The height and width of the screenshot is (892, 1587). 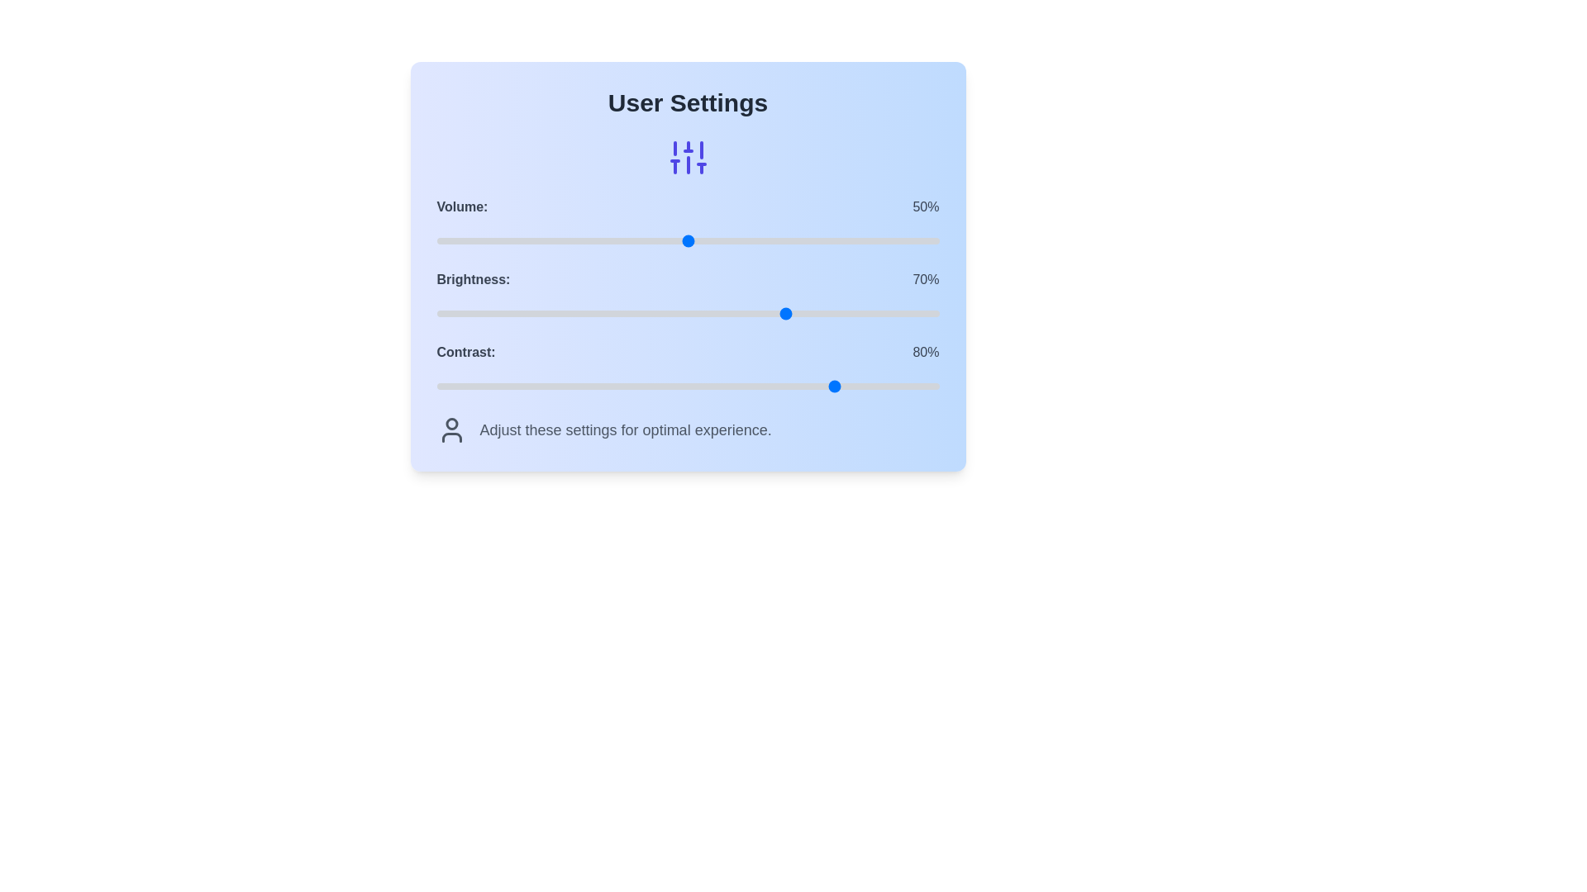 I want to click on the settings icon located centrally below the 'User Settings' heading and above the 'Volume:' setting, so click(x=688, y=158).